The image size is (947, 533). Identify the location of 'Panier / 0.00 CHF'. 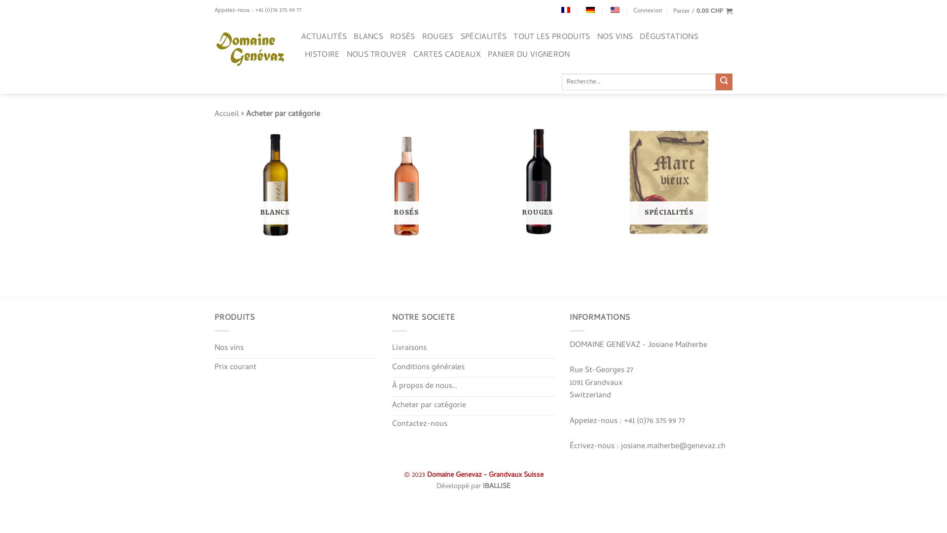
(702, 11).